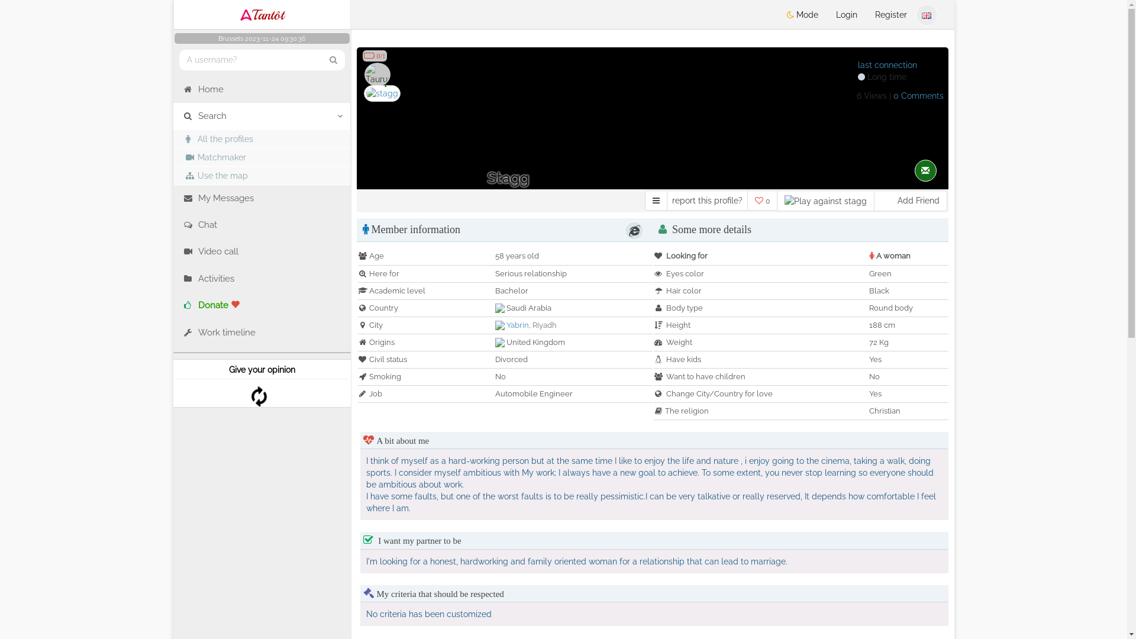 The height and width of the screenshot is (639, 1136). Describe the element at coordinates (532, 325) in the screenshot. I see `'Riyadh'` at that location.